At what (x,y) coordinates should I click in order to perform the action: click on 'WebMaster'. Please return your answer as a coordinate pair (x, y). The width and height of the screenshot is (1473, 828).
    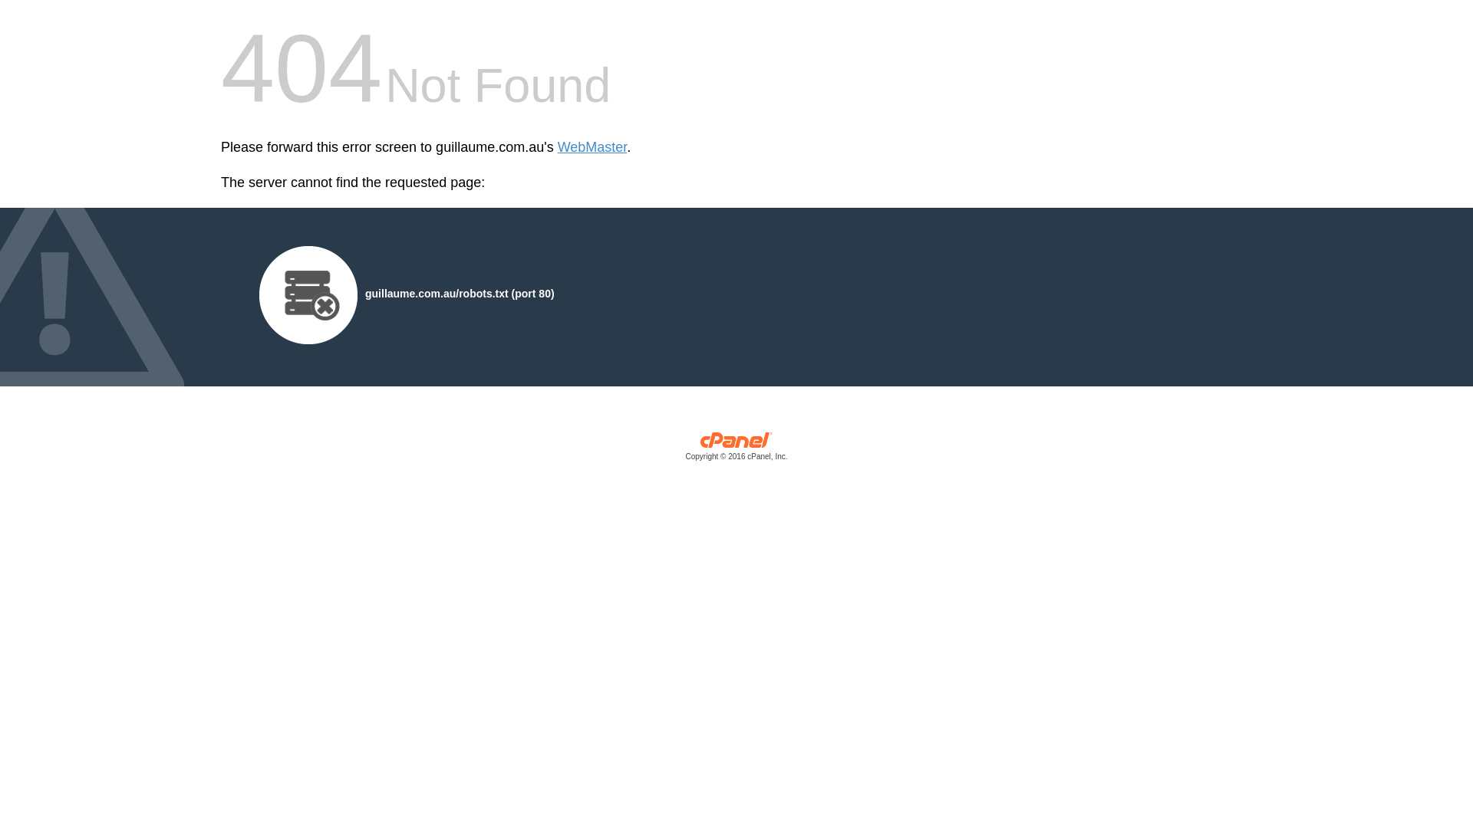
    Looking at the image, I should click on (556, 147).